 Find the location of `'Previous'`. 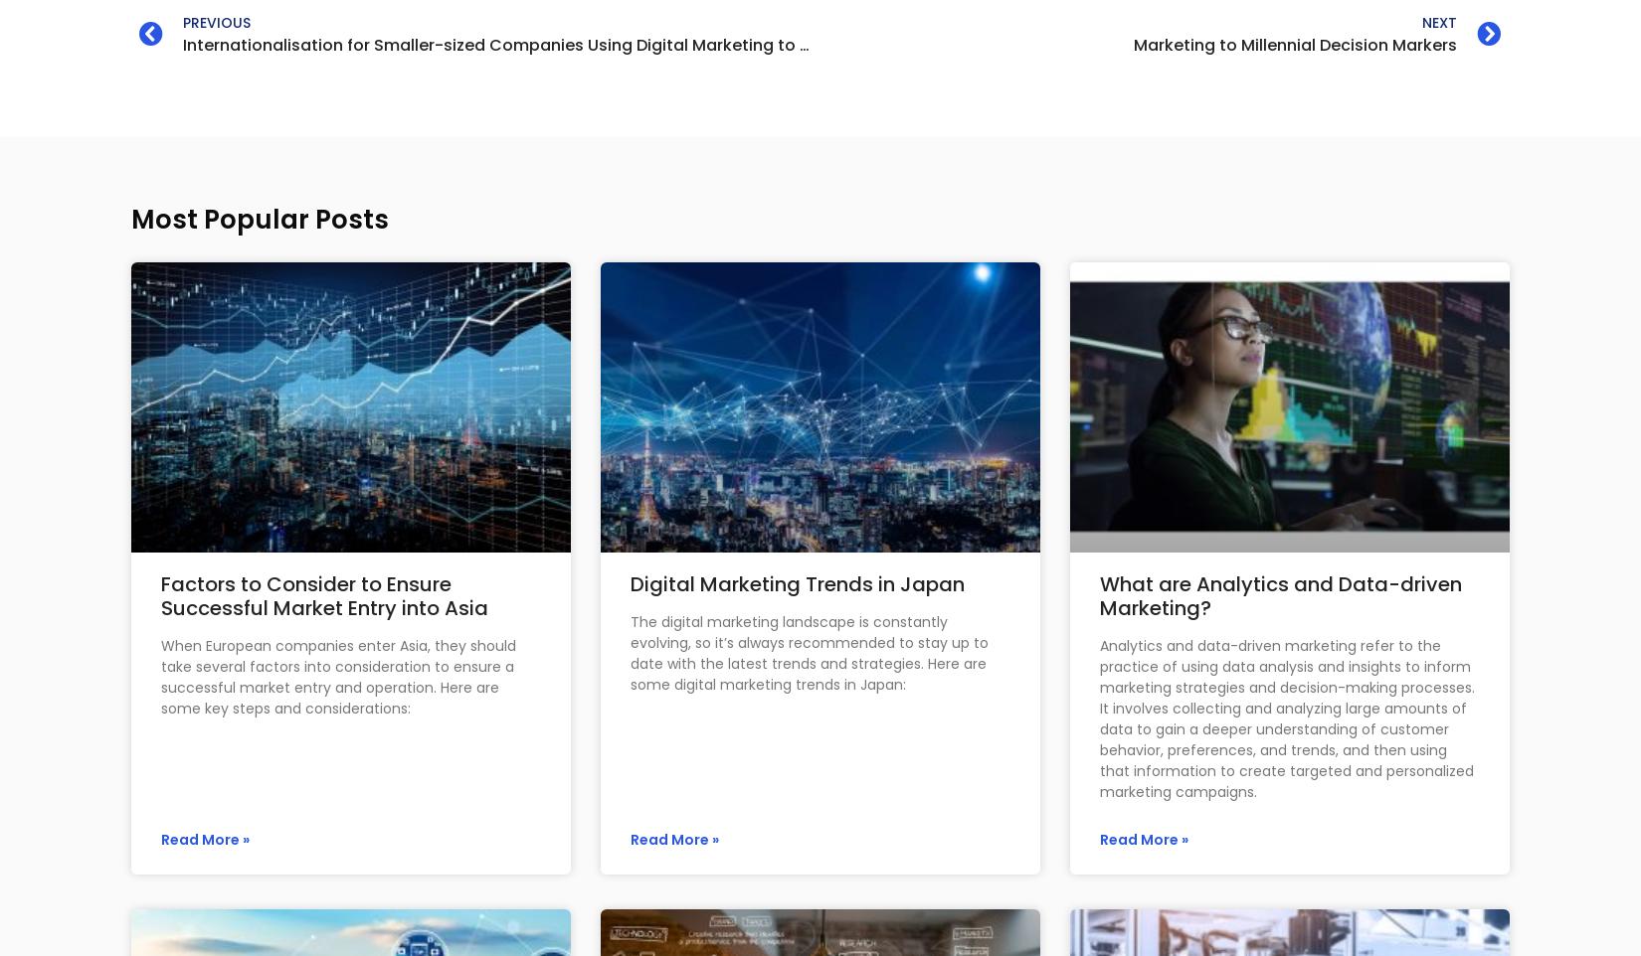

'Previous' is located at coordinates (216, 21).